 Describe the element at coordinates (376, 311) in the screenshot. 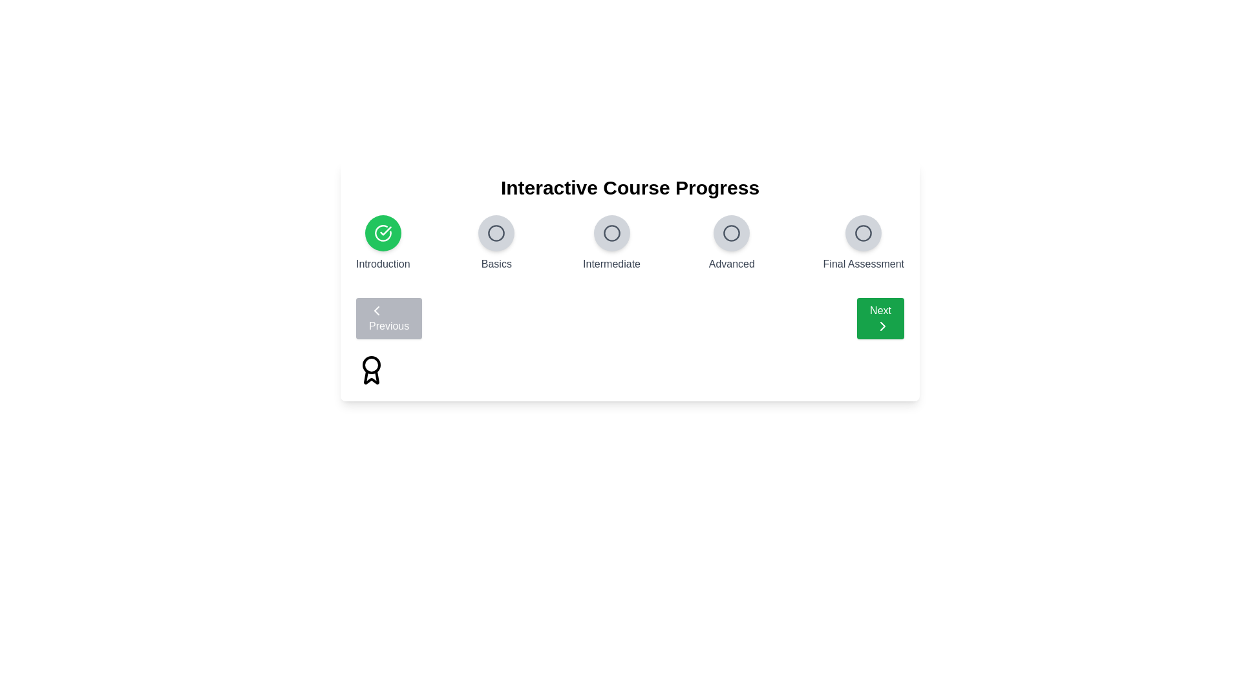

I see `the leftwards-pointing chevron icon within the gray 'Previous' button, which is located on the bottom left area of the interface` at that location.